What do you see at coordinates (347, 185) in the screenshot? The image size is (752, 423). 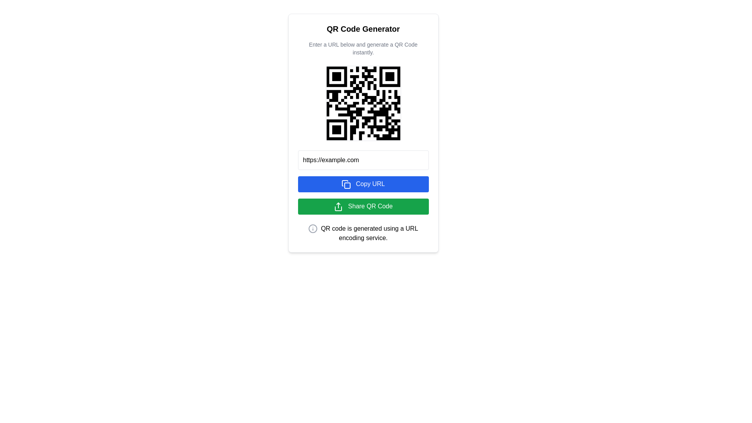 I see `the smaller blue square in the top-right corner of the clipboard icon, which serves as a decorative representation of the copying action` at bounding box center [347, 185].